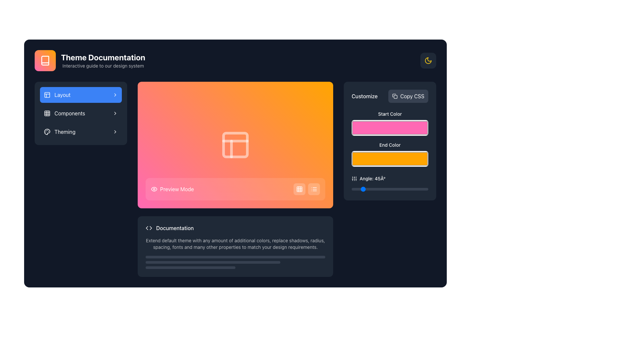  What do you see at coordinates (313, 189) in the screenshot?
I see `the Button (List Icon) featuring horizontal lines and circular dots` at bounding box center [313, 189].